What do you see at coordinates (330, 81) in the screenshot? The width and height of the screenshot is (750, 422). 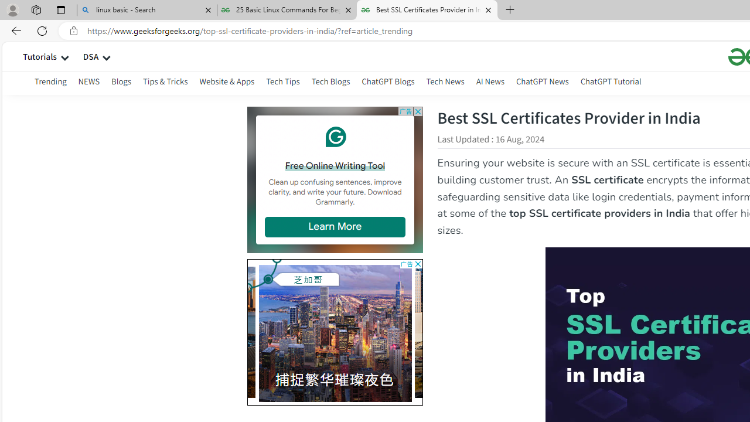 I see `'Tech Blogs'` at bounding box center [330, 81].